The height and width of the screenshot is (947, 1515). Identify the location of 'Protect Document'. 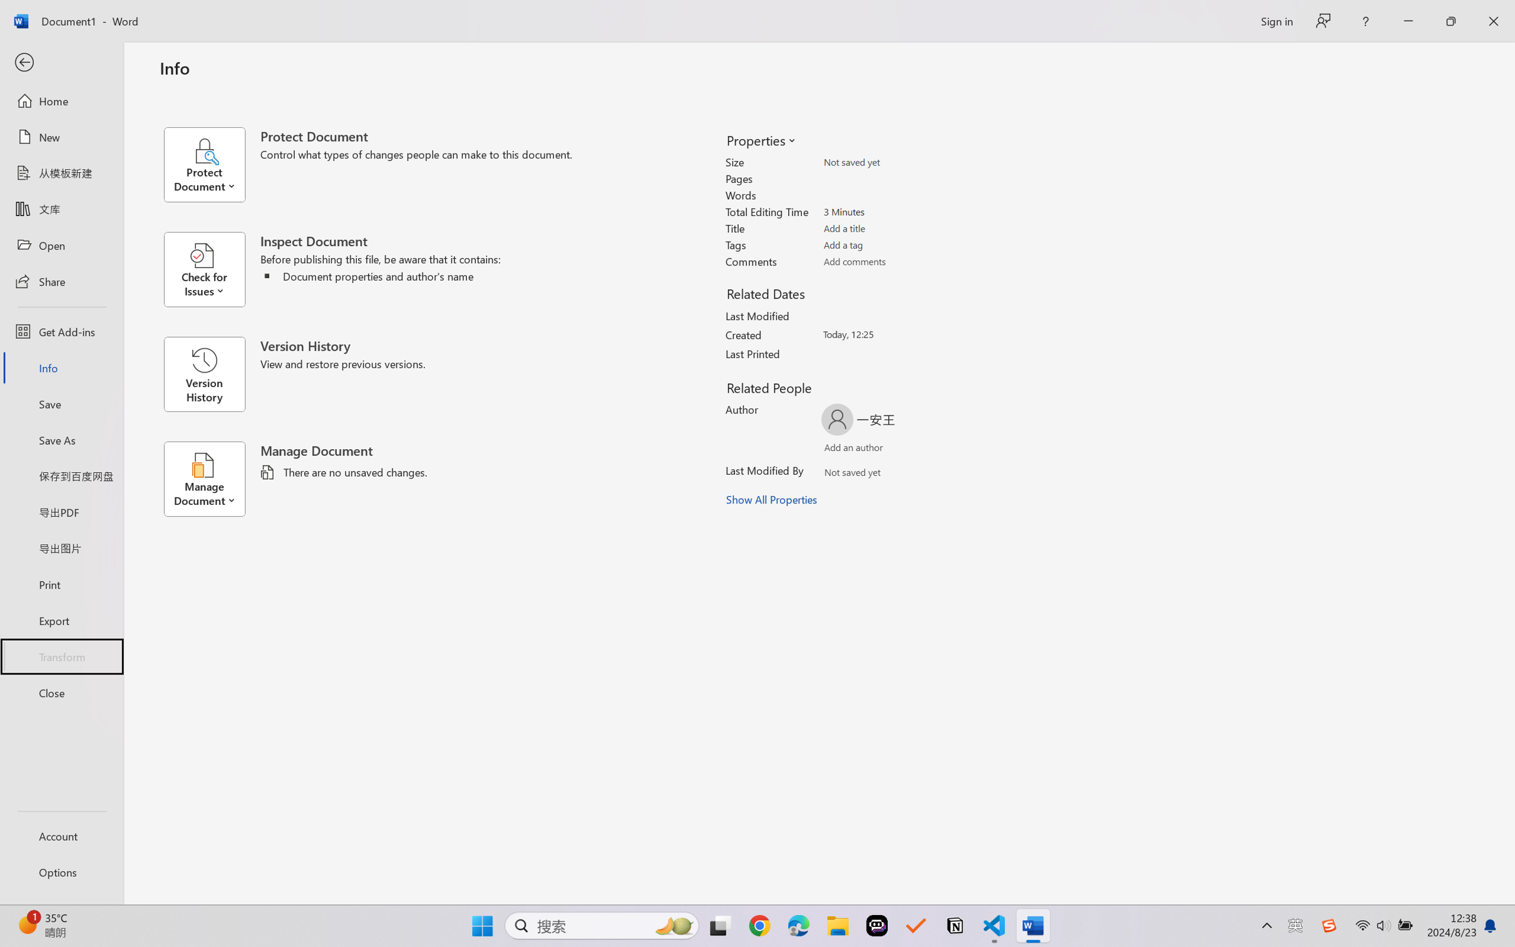
(211, 164).